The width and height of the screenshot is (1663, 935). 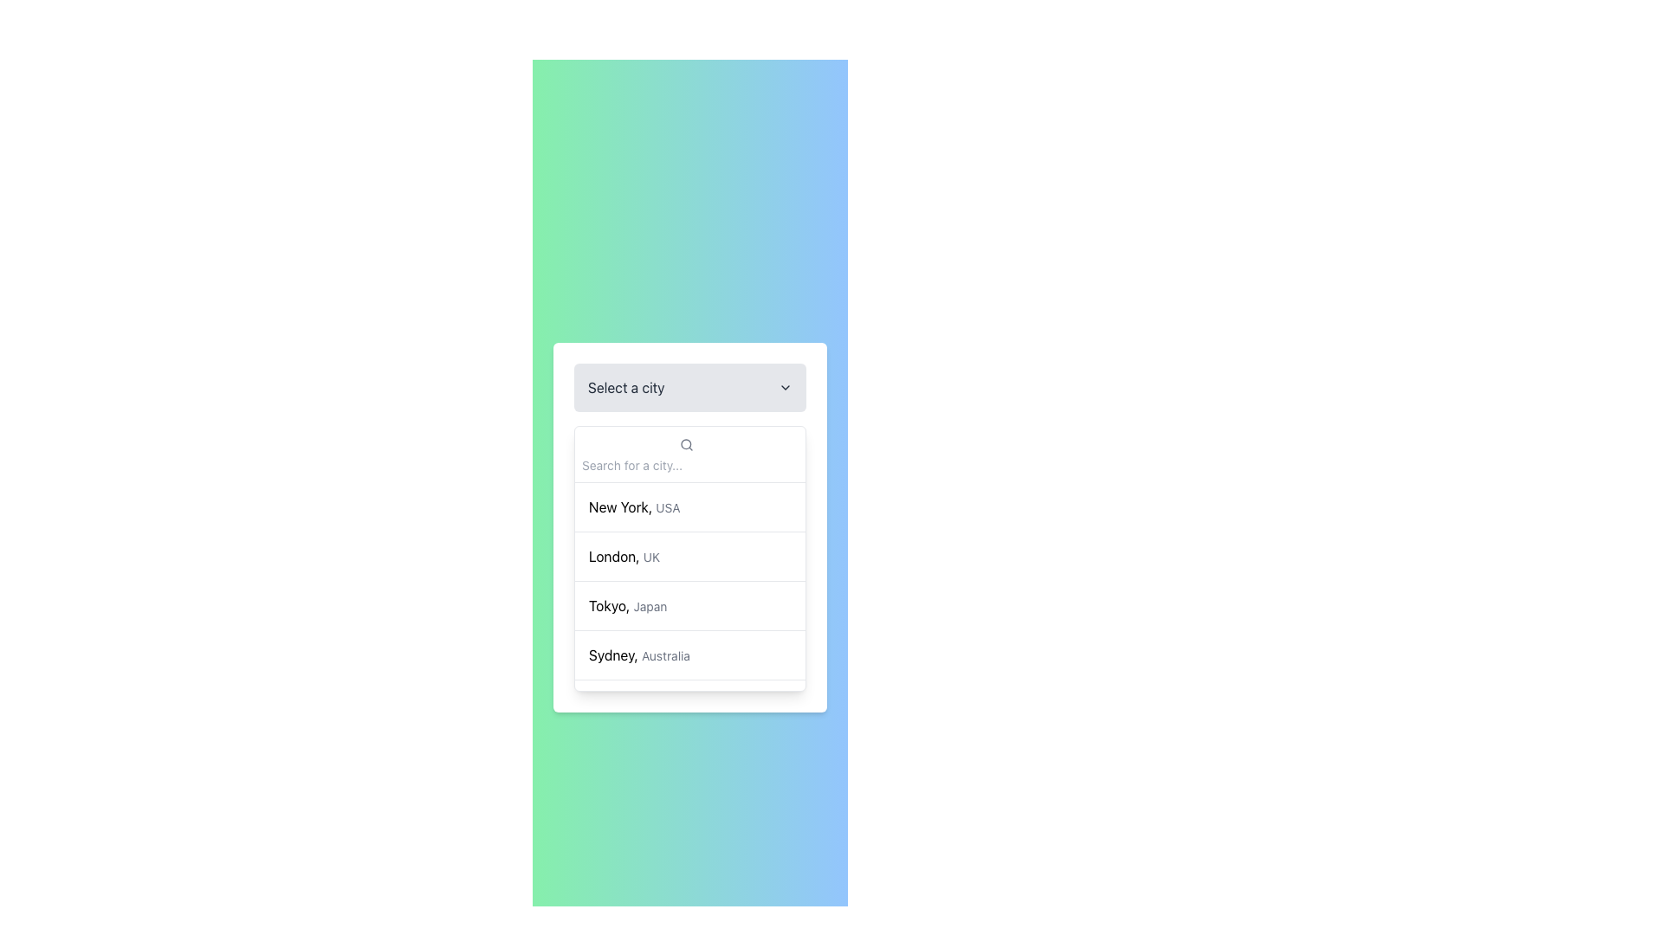 I want to click on the list item titled 'London, UK', so click(x=689, y=558).